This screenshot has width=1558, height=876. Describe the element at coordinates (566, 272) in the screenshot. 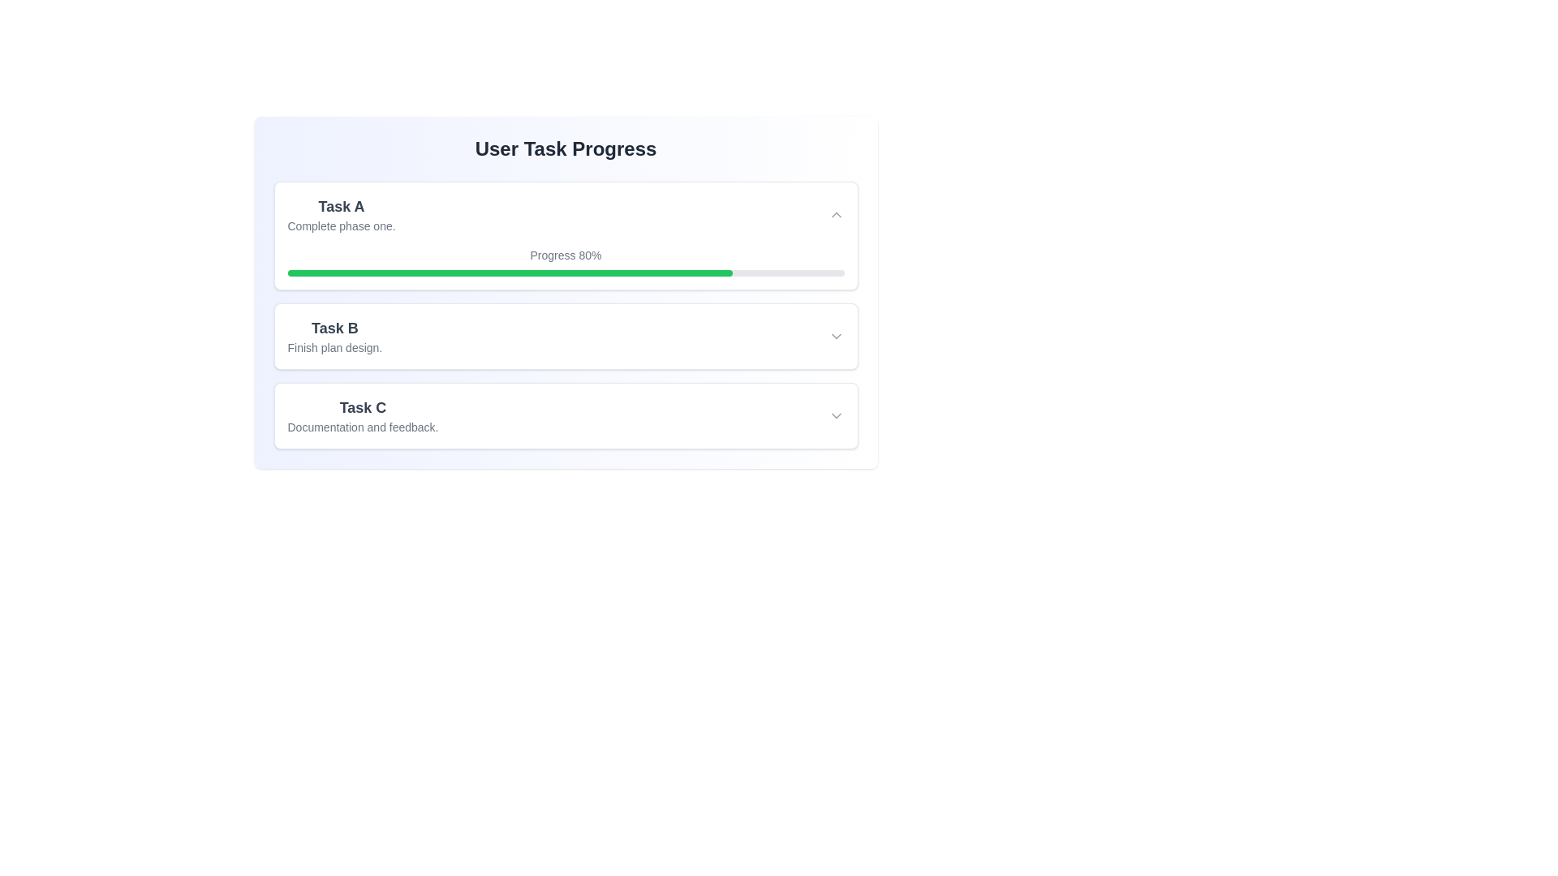

I see `the progress bar located beneath the text 'Progress 80%' in the 'Task A' section, which indicates an 80% completion with a green bar inside a light gray rectangular background` at that location.